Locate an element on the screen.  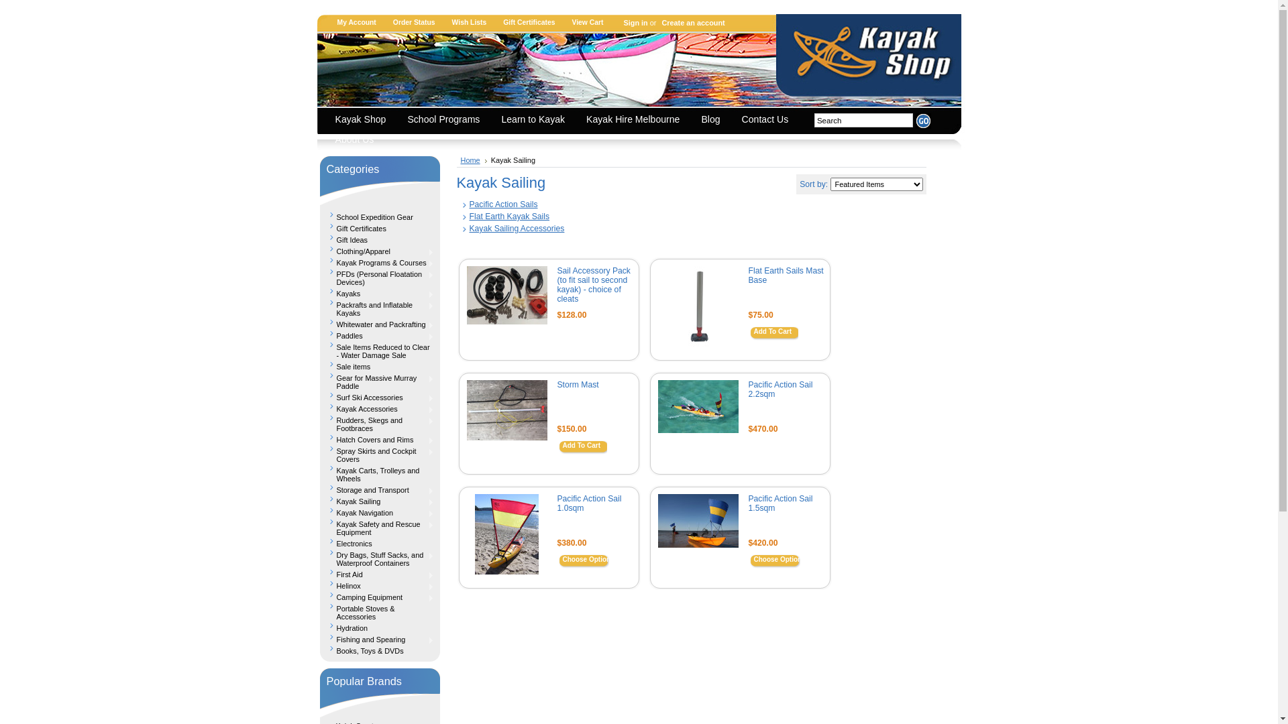
'School Programs' is located at coordinates (399, 121).